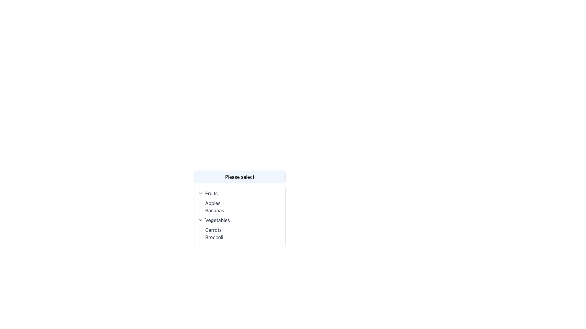 This screenshot has height=329, width=586. I want to click on the 'Fruits' collapsible section, so click(239, 202).